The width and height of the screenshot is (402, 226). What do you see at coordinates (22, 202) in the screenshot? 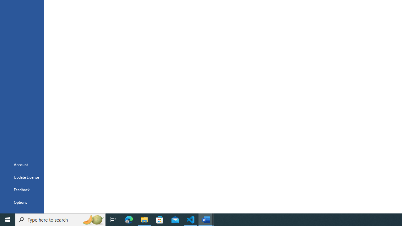
I see `'Options'` at bounding box center [22, 202].